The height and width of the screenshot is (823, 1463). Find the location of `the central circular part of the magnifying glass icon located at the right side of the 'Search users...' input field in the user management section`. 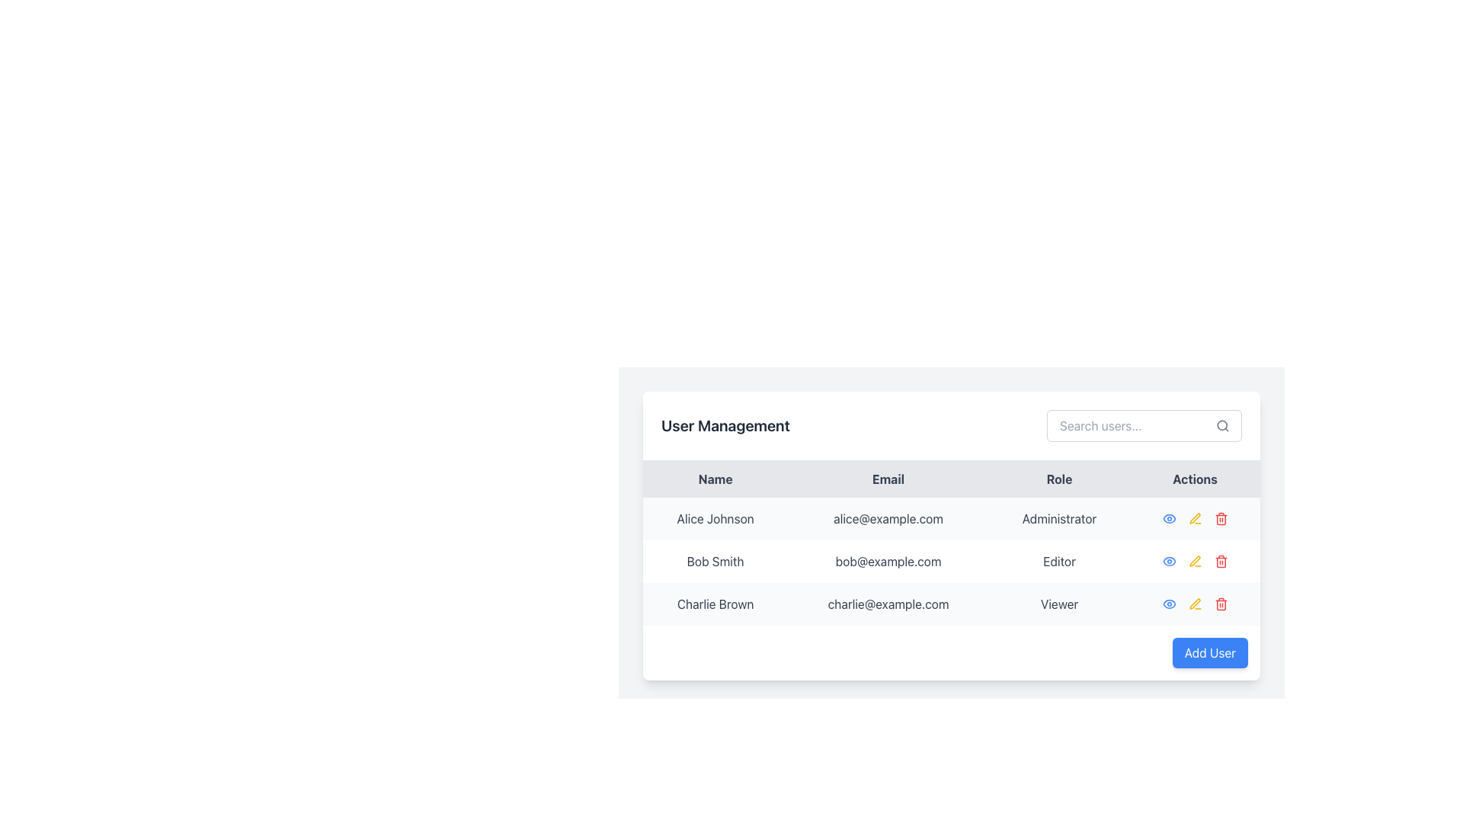

the central circular part of the magnifying glass icon located at the right side of the 'Search users...' input field in the user management section is located at coordinates (1222, 425).